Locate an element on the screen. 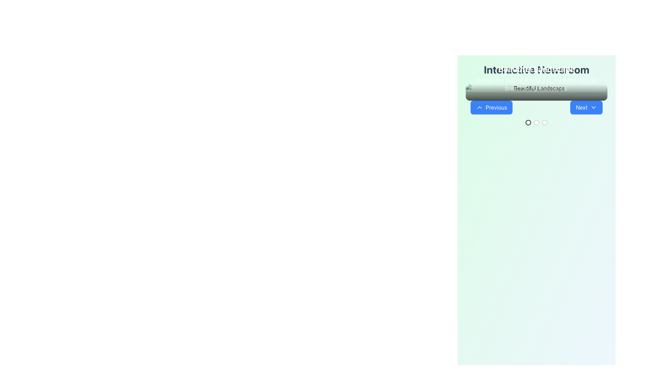 The width and height of the screenshot is (660, 371). the third radio button in a horizontal row of three options, which is visually identical to two other circles but is positioned to the right is located at coordinates (544, 122).